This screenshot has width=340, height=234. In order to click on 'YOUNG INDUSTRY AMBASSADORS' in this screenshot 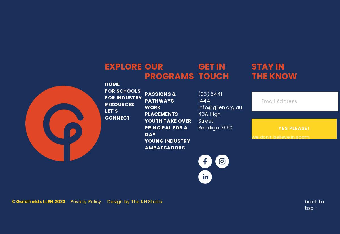, I will do `click(144, 88)`.